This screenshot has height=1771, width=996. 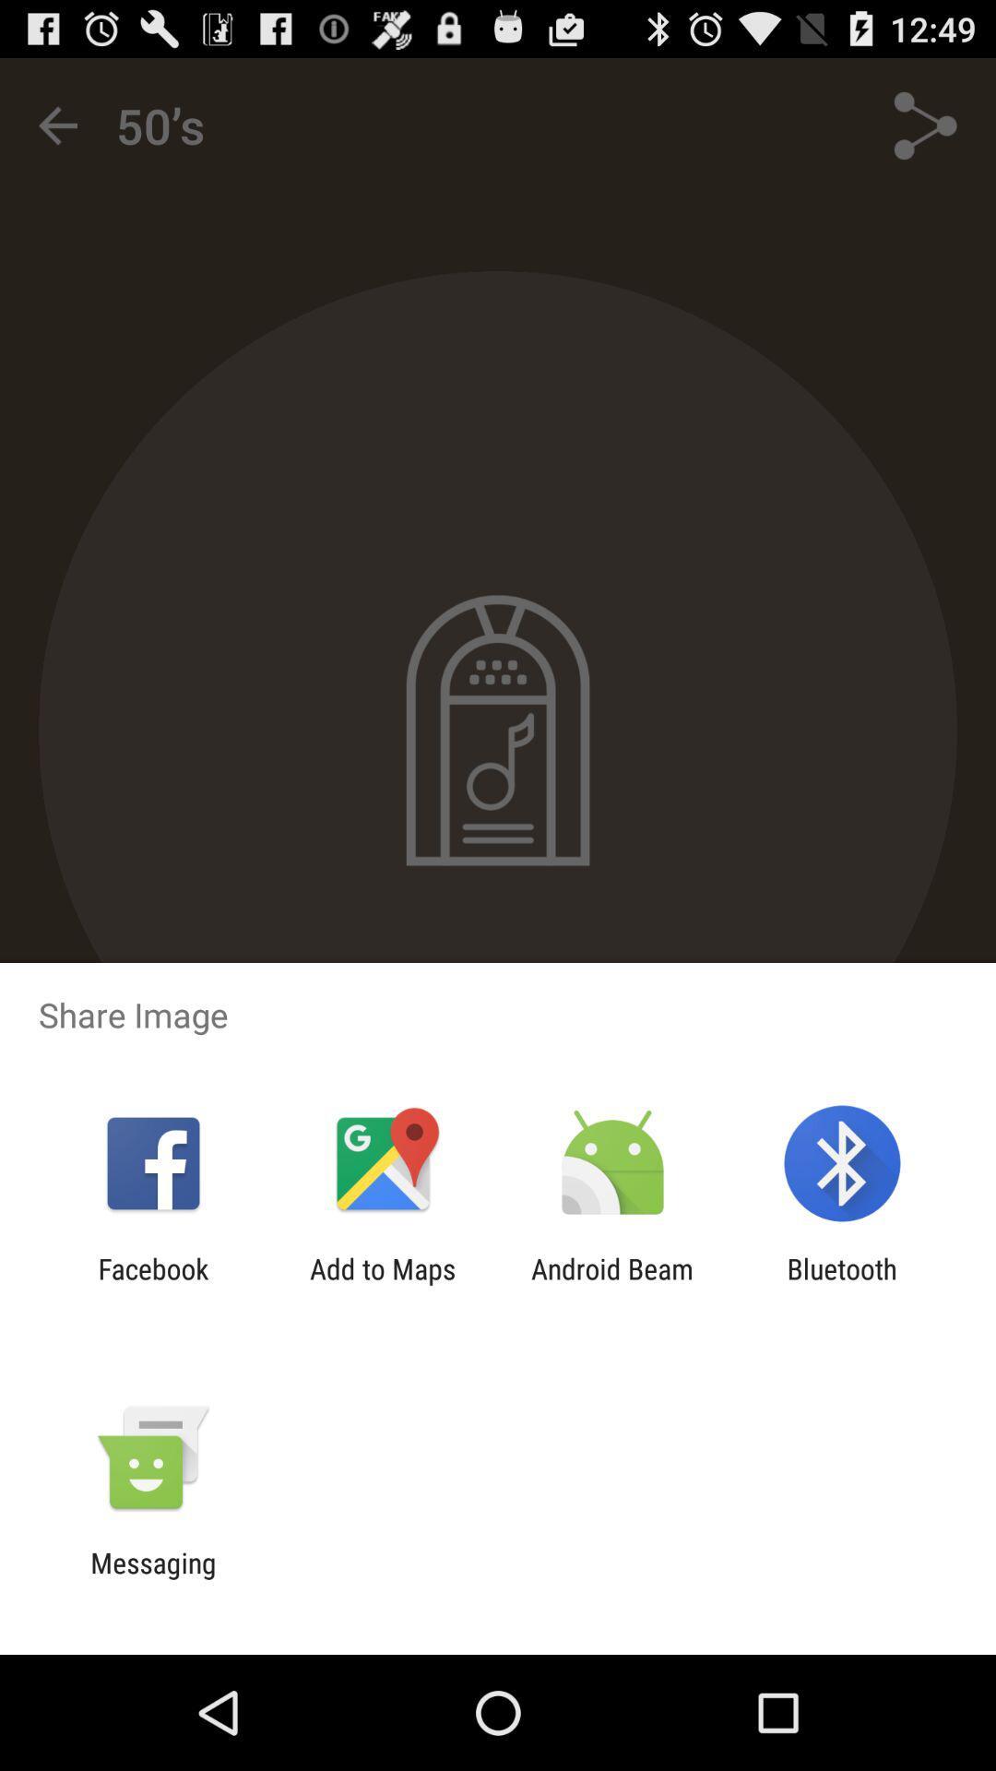 What do you see at coordinates (382, 1284) in the screenshot?
I see `the item next to android beam` at bounding box center [382, 1284].